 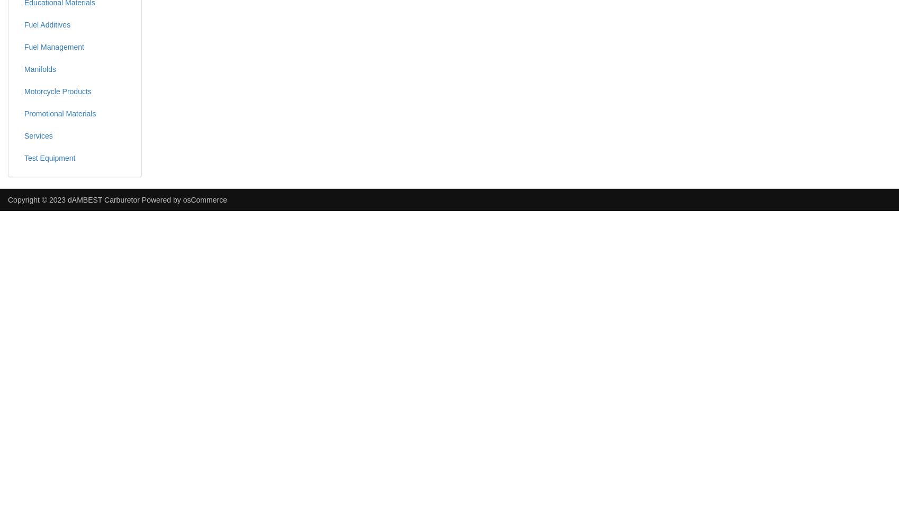 What do you see at coordinates (59, 113) in the screenshot?
I see `'Promotional Materials'` at bounding box center [59, 113].